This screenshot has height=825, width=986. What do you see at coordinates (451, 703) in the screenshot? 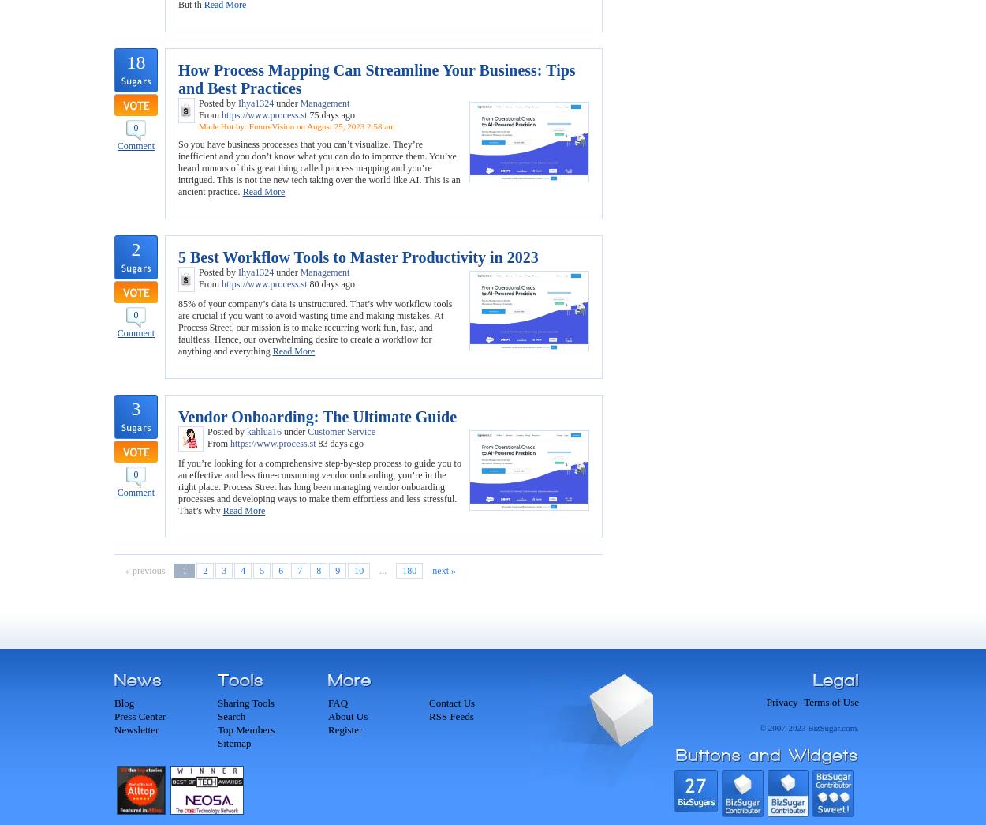
I see `'Contact Us'` at bounding box center [451, 703].